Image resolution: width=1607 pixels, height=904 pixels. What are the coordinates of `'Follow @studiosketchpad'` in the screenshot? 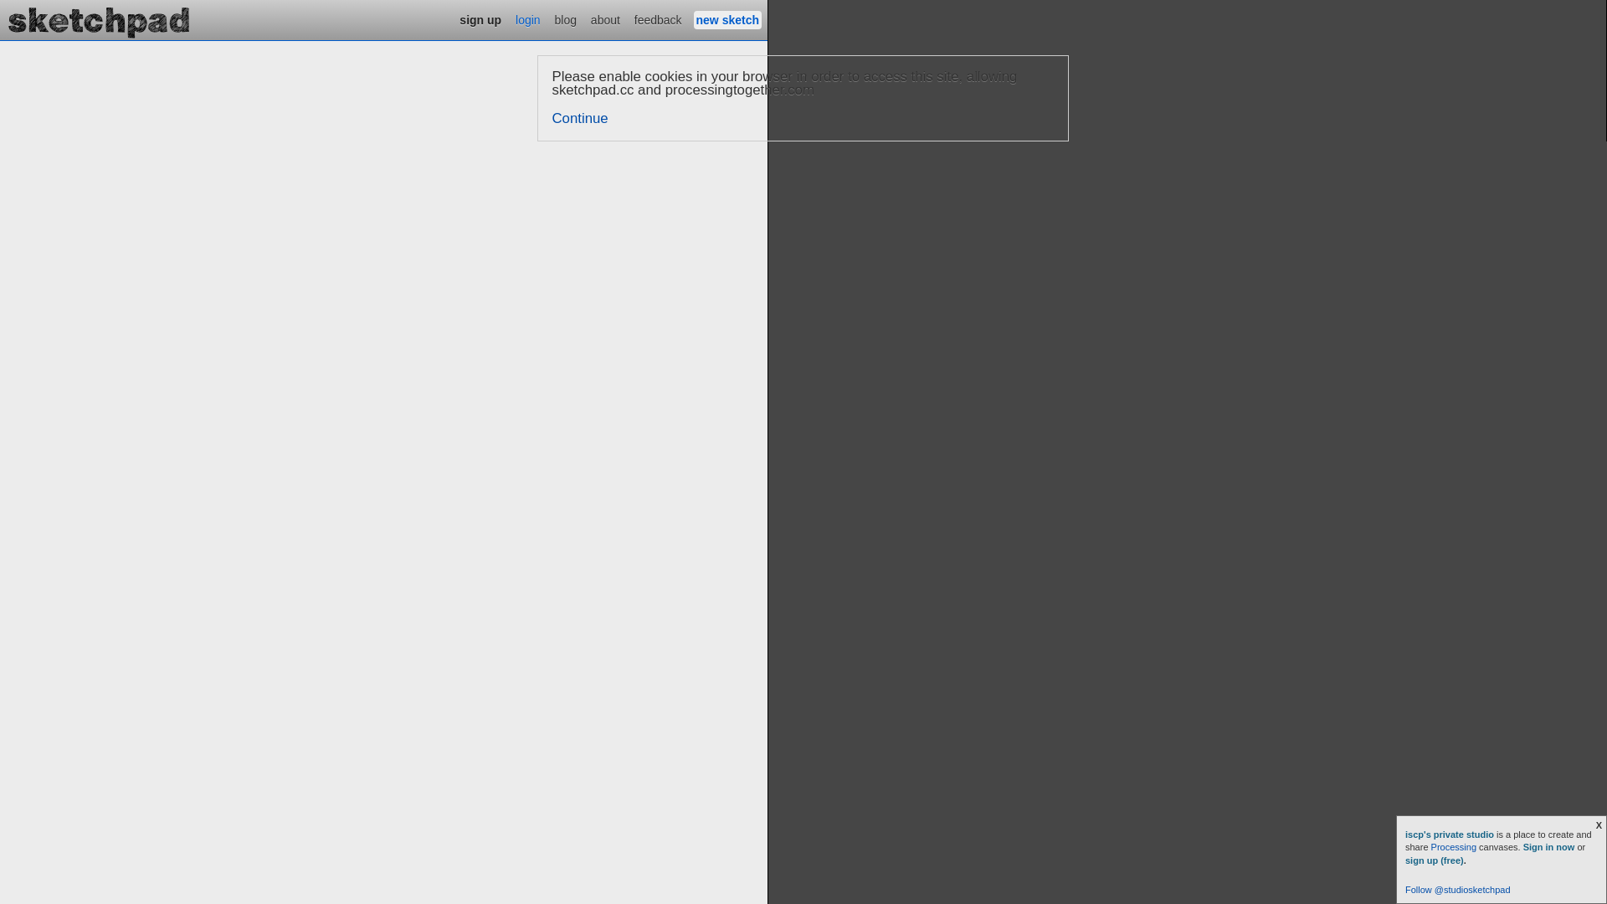 It's located at (1457, 889).